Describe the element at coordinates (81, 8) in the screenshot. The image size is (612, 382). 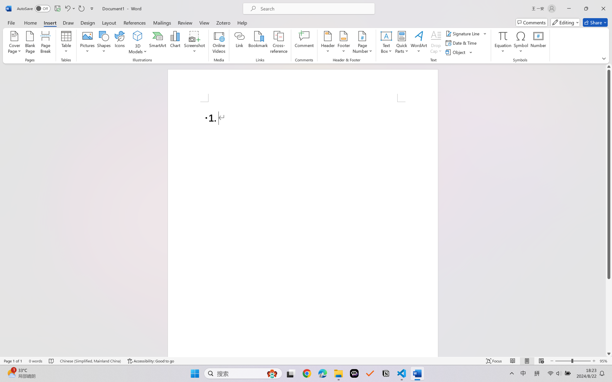
I see `'Repeat Doc Close'` at that location.